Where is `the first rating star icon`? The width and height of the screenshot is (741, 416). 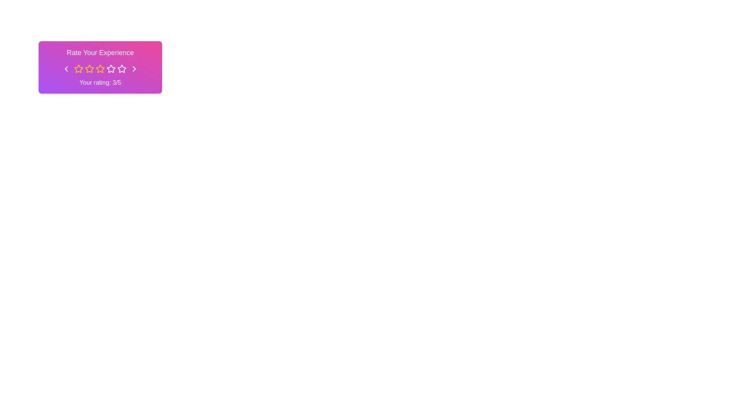
the first rating star icon is located at coordinates (78, 68).